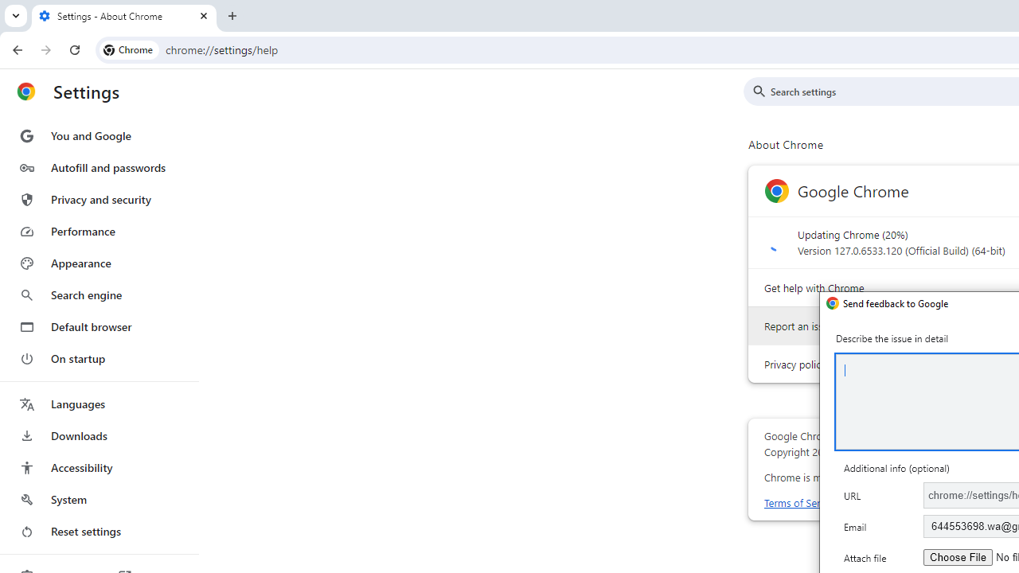 The image size is (1019, 573). I want to click on 'Autofill and passwords', so click(98, 167).